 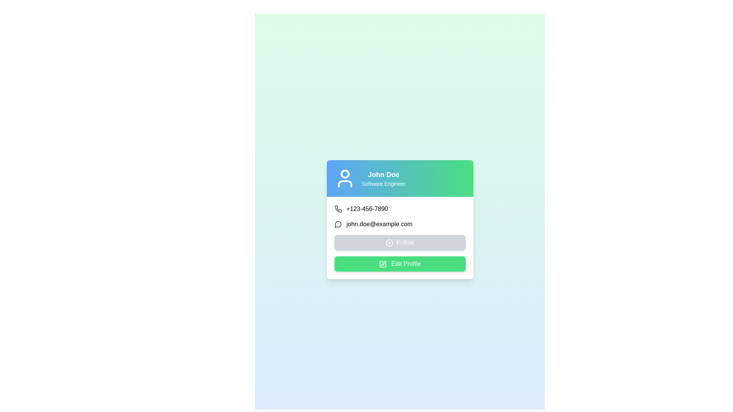 I want to click on vector graphic element located beneath the circular avatar graphic in the top section of the card using developer tools, so click(x=344, y=184).